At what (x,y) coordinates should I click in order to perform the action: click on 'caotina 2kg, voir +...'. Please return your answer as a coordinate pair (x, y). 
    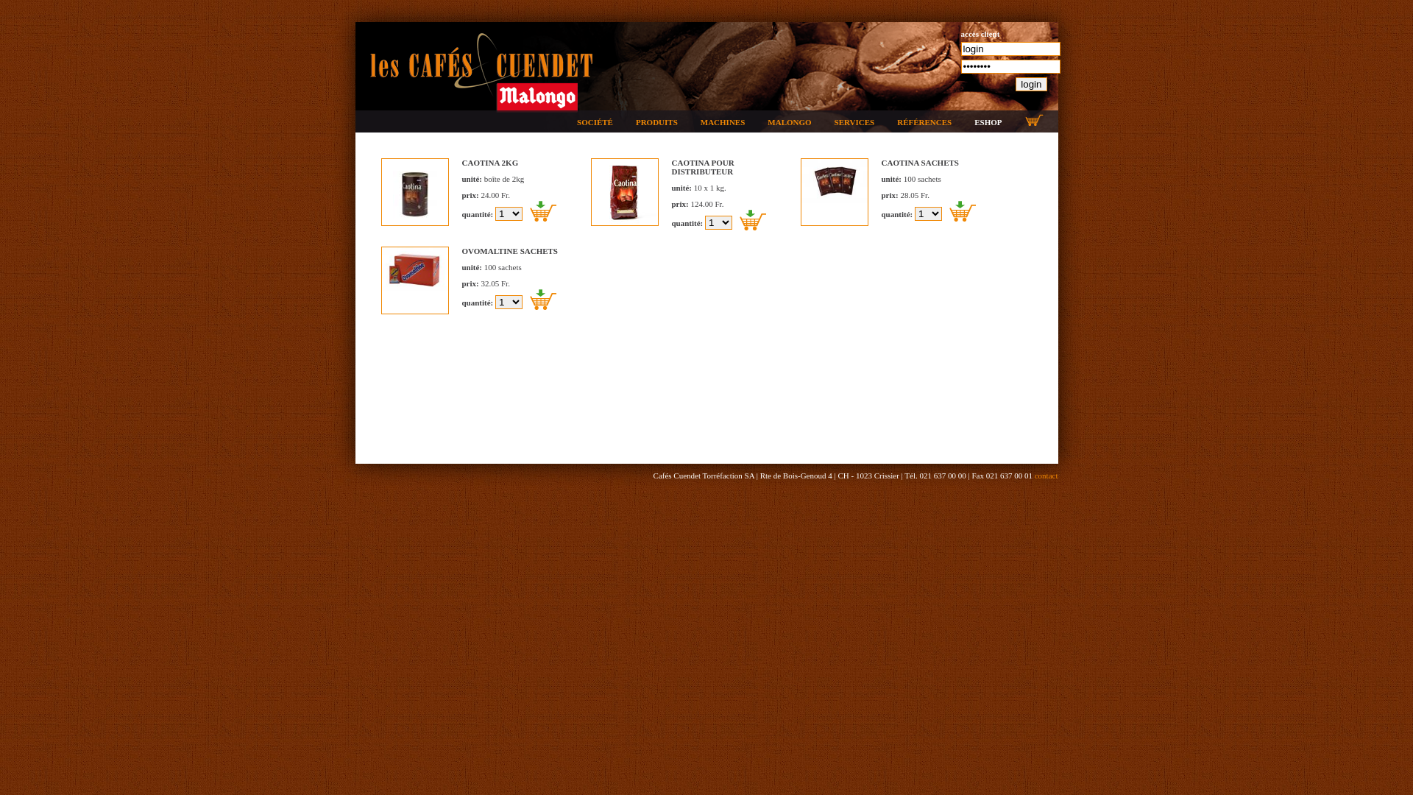
    Looking at the image, I should click on (414, 191).